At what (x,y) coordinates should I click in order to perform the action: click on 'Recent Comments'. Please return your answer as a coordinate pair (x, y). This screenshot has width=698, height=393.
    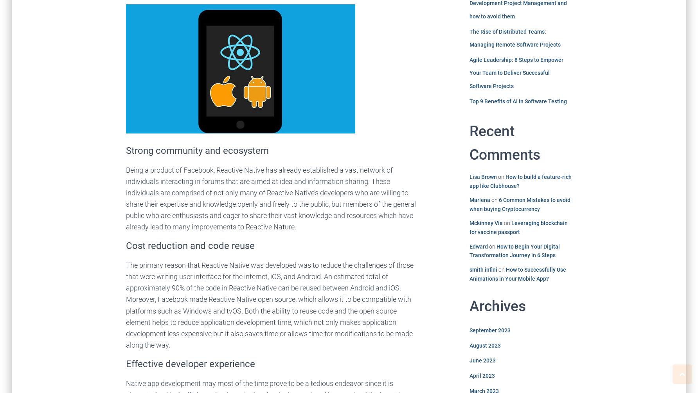
    Looking at the image, I should click on (504, 143).